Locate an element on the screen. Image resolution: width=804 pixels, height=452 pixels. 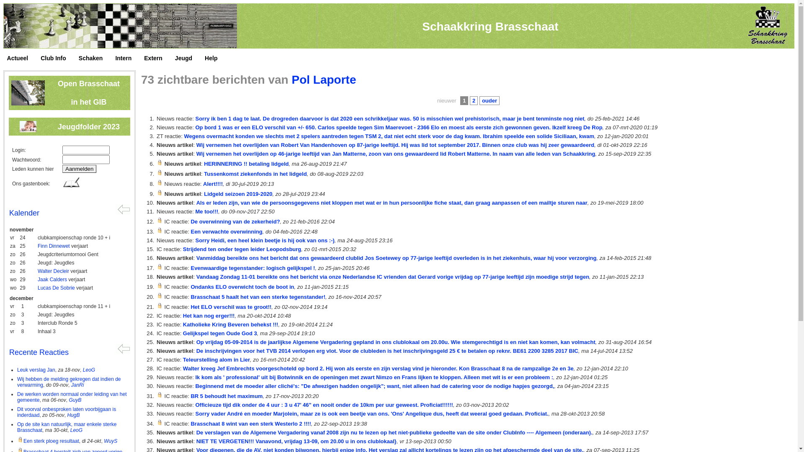
'Het kan nog erger!!!' is located at coordinates (209, 316).